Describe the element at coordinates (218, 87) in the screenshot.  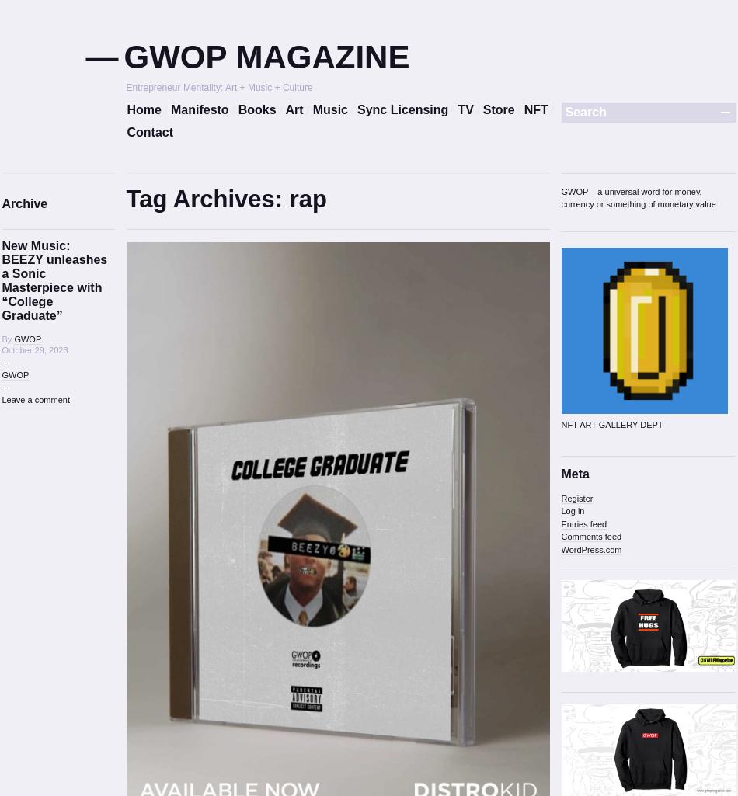
I see `'Entrepreneur Mentality: Art + Music + Culture'` at that location.